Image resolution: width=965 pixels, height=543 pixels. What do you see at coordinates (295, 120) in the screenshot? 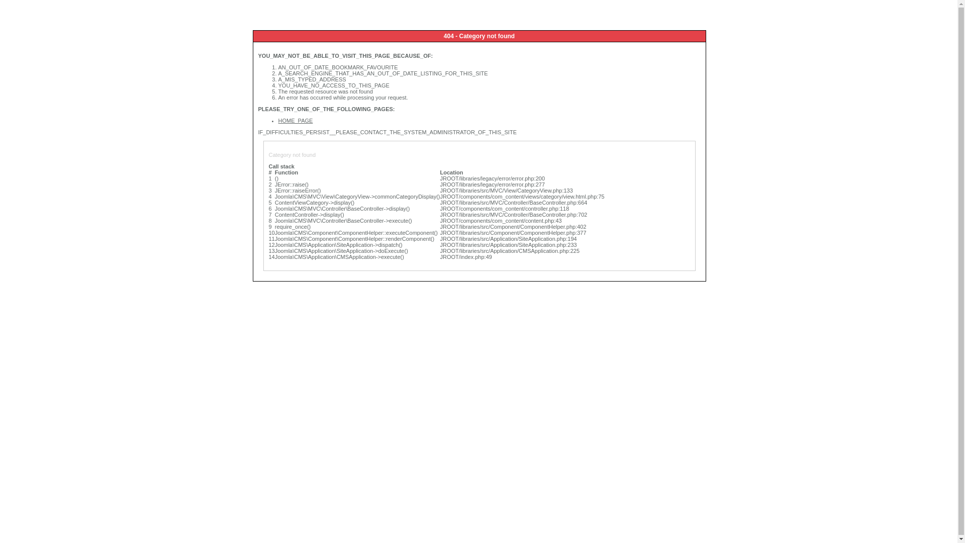
I see `'HOME_PAGE'` at bounding box center [295, 120].